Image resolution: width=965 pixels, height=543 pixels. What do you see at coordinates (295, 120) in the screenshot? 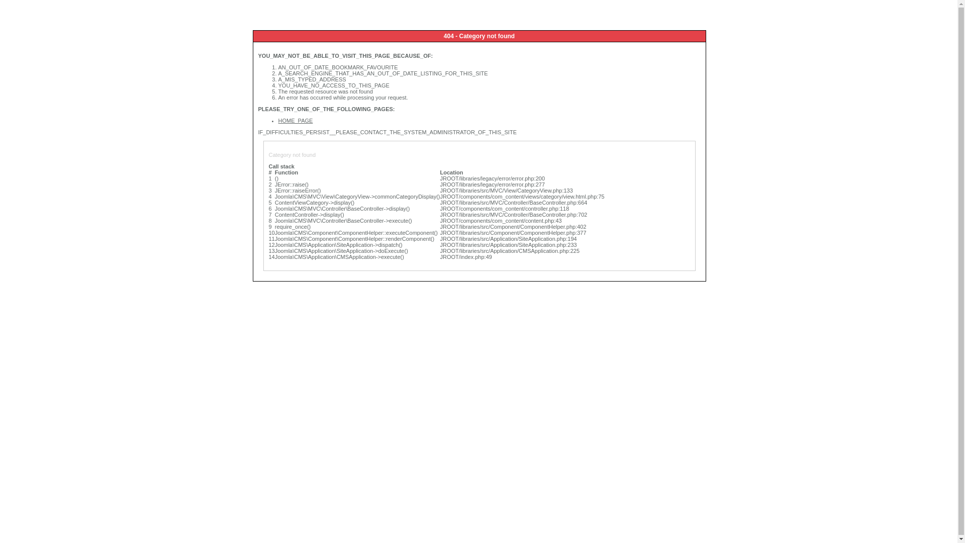
I see `'HOME_PAGE'` at bounding box center [295, 120].